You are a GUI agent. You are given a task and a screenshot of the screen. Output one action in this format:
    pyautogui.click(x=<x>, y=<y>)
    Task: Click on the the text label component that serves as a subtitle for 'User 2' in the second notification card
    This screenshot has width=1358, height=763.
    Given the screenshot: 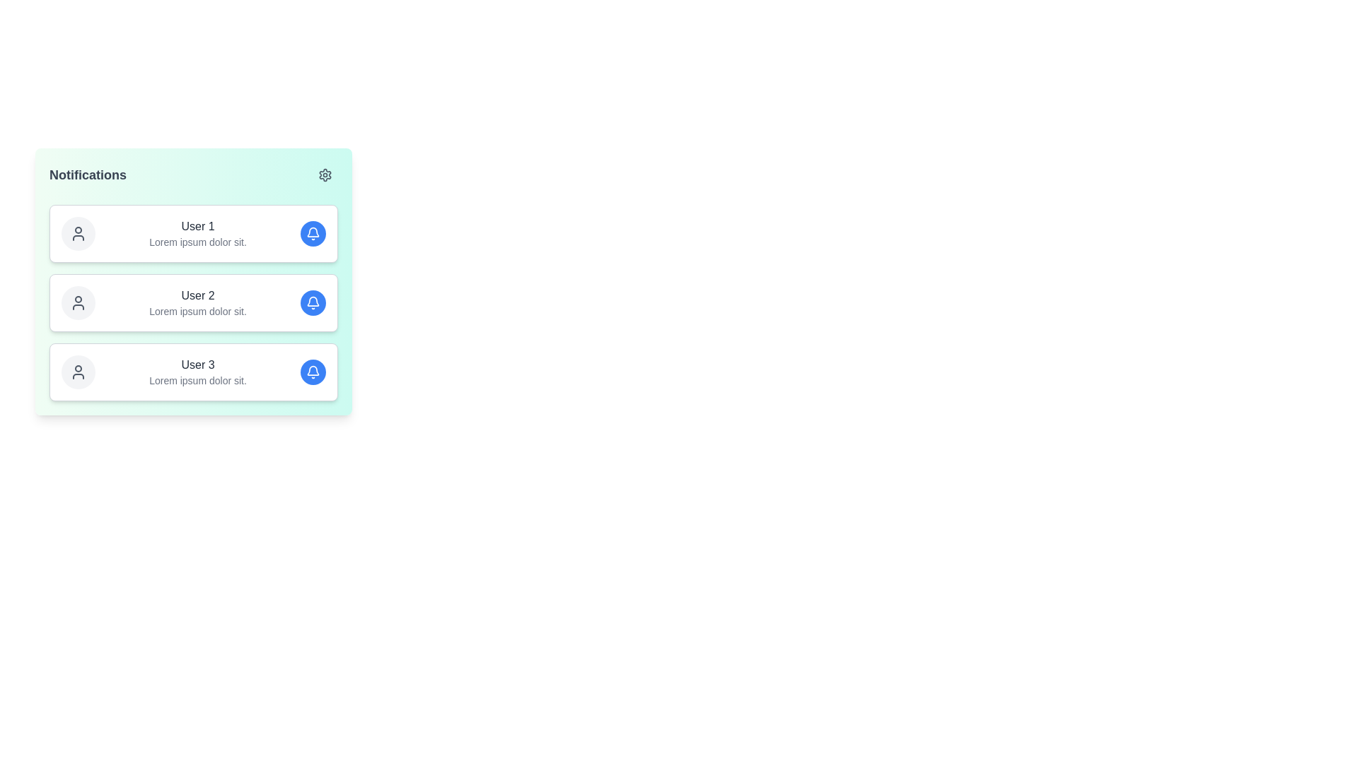 What is the action you would take?
    pyautogui.click(x=197, y=310)
    